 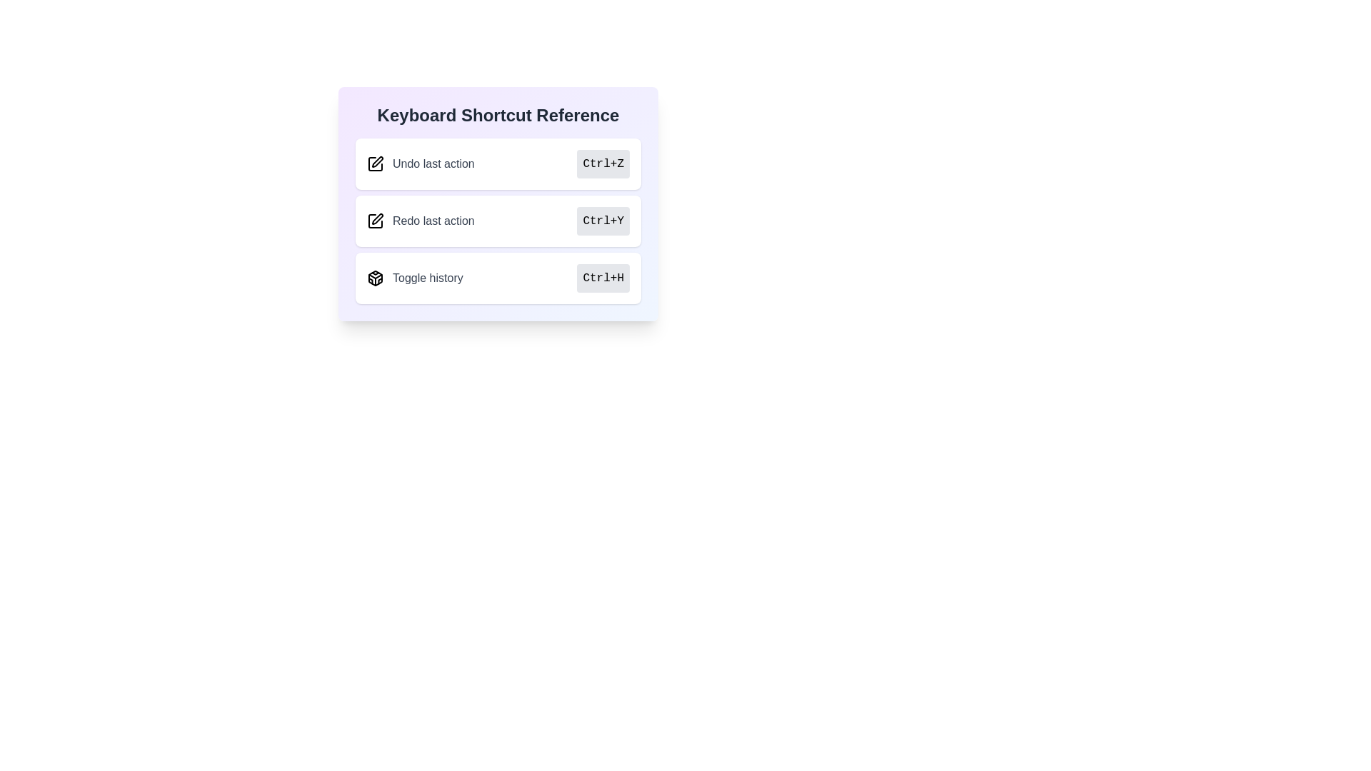 What do you see at coordinates (603, 163) in the screenshot?
I see `the small rectangular label styled with a monospaced font that contains the text 'Ctrl+Z', located to the right of 'Undo last action' in the 'Keyboard Shortcut Reference' section` at bounding box center [603, 163].